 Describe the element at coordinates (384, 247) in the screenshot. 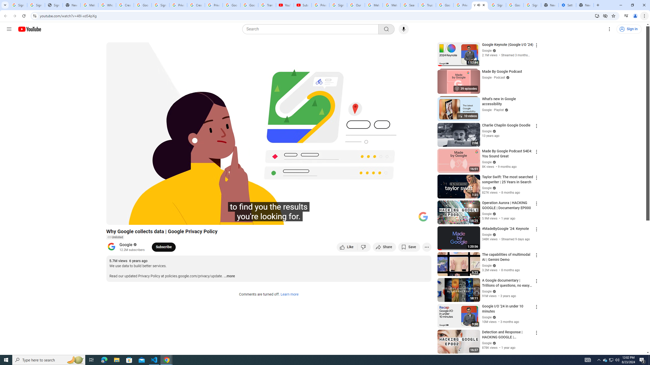

I see `'Share'` at that location.